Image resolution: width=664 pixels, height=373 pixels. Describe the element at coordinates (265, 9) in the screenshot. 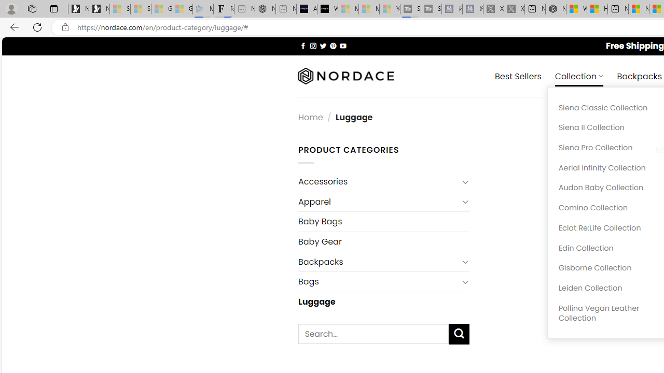

I see `'Nordace - #1 Japanese Best-Seller - Siena Smart Backpack'` at that location.